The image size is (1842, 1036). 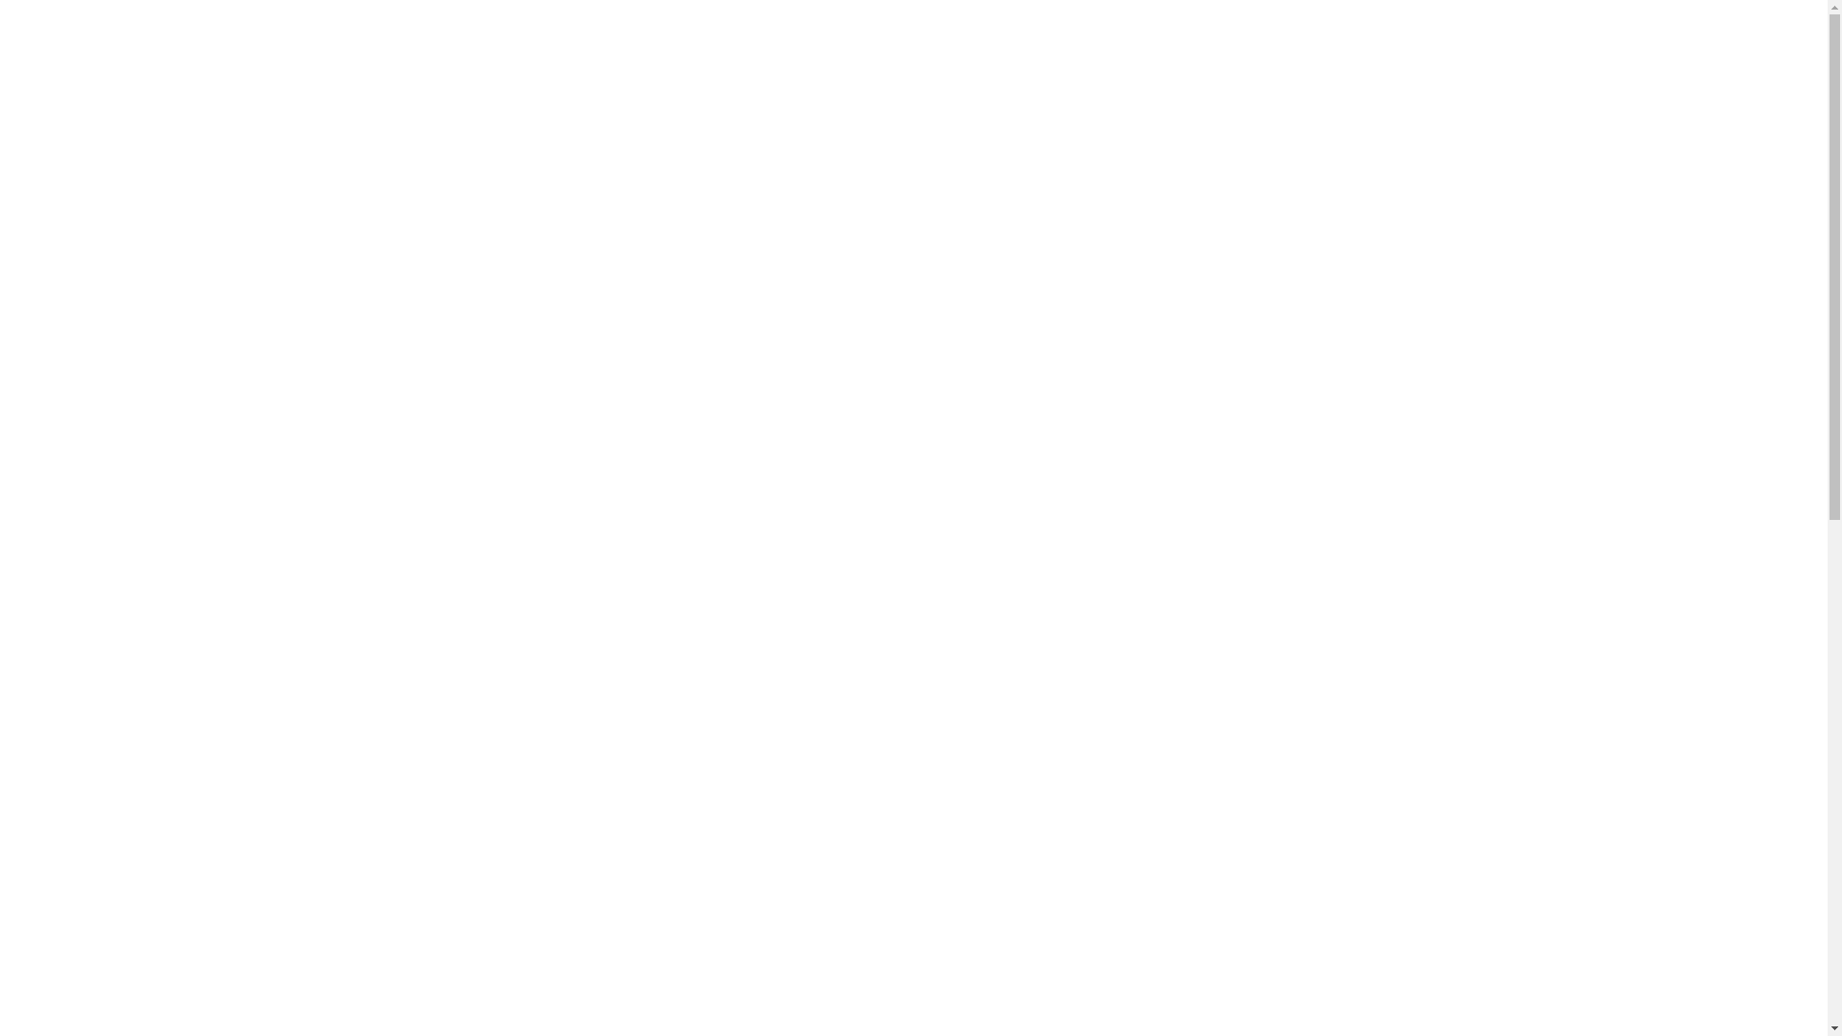 I want to click on 'Search', so click(x=1454, y=58).